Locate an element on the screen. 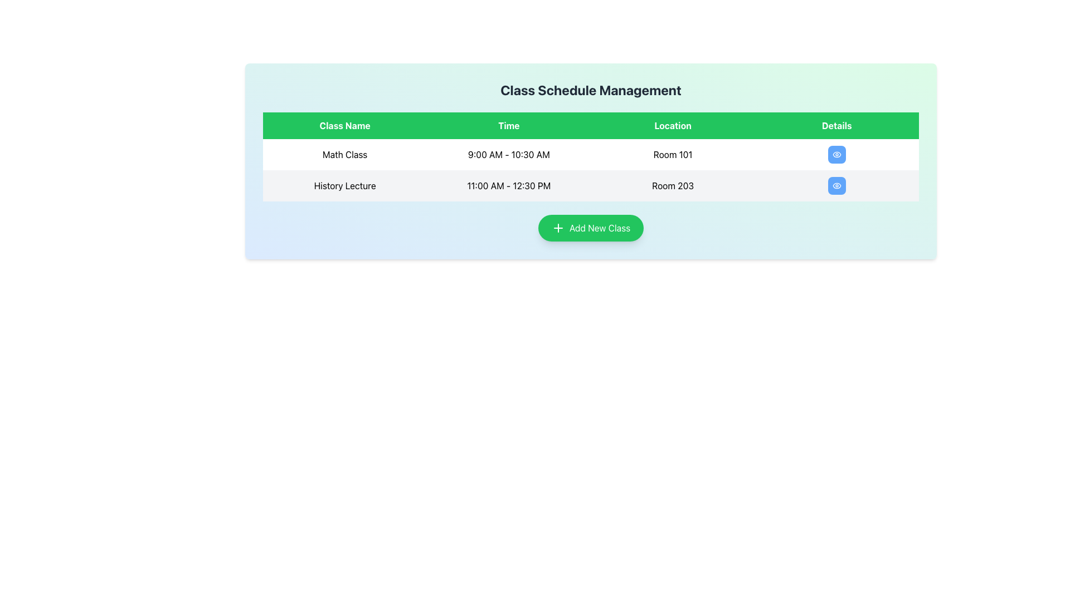 This screenshot has height=601, width=1070. the text label displaying '9:00 AM - 10:30 AM' which is centrally positioned in the 'Time' column of the table is located at coordinates (508, 154).